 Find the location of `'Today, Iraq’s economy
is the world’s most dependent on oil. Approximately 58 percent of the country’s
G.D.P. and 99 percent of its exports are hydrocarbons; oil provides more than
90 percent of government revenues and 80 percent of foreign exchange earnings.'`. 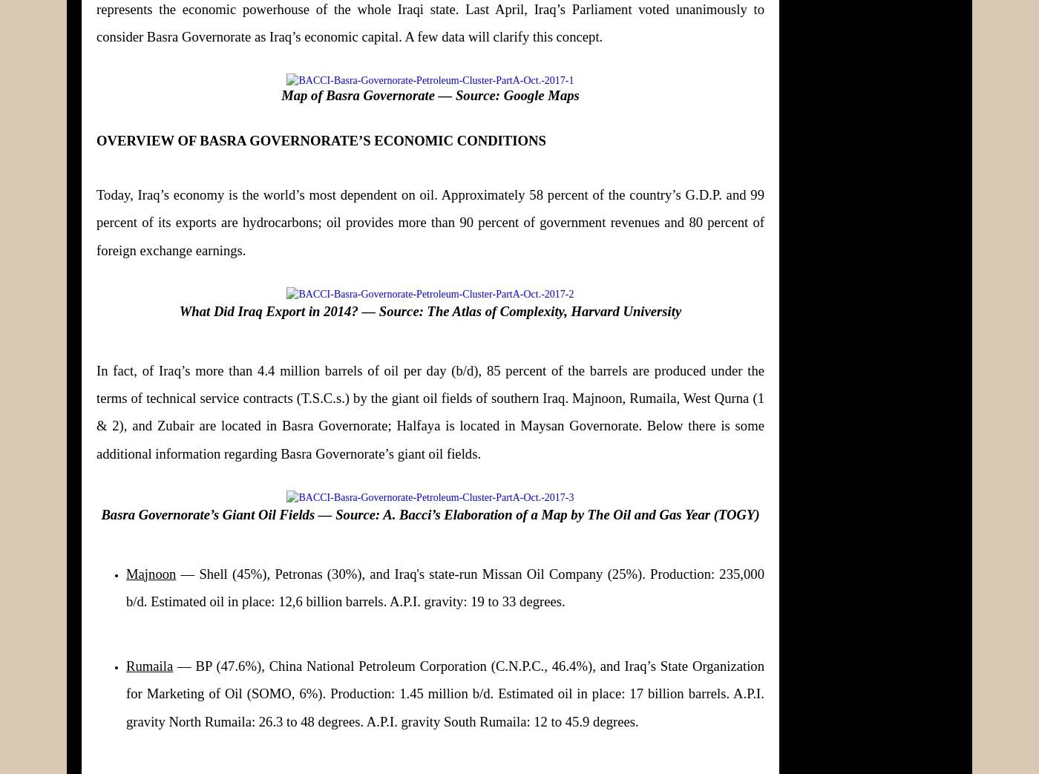

'Today, Iraq’s economy
is the world’s most dependent on oil. Approximately 58 percent of the country’s
G.D.P. and 99 percent of its exports are hydrocarbons; oil provides more than
90 percent of government revenues and 80 percent of foreign exchange earnings.' is located at coordinates (430, 221).